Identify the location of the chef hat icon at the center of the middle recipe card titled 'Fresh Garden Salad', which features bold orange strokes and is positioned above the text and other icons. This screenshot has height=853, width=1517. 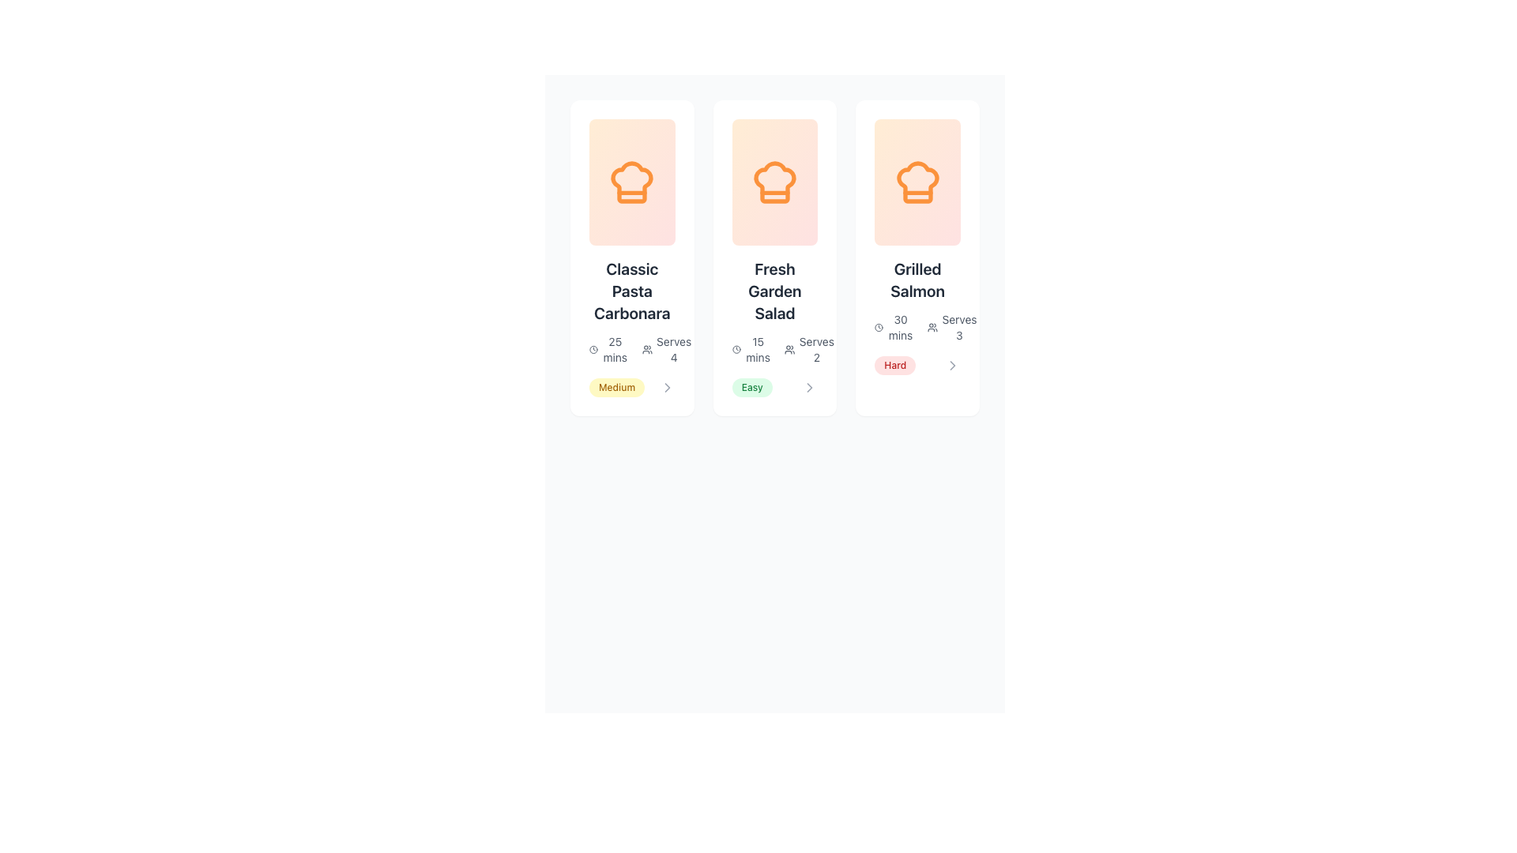
(774, 182).